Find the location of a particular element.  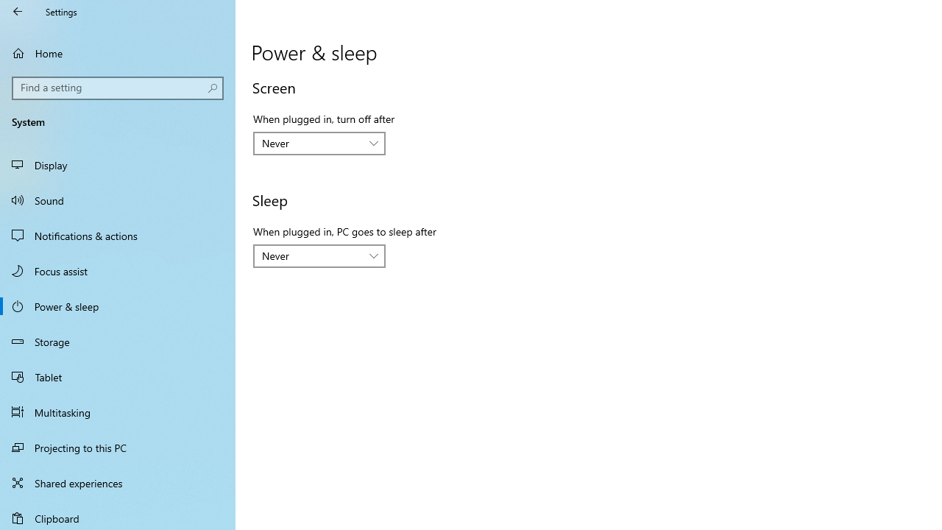

'When plugged in, turn off after' is located at coordinates (318, 144).